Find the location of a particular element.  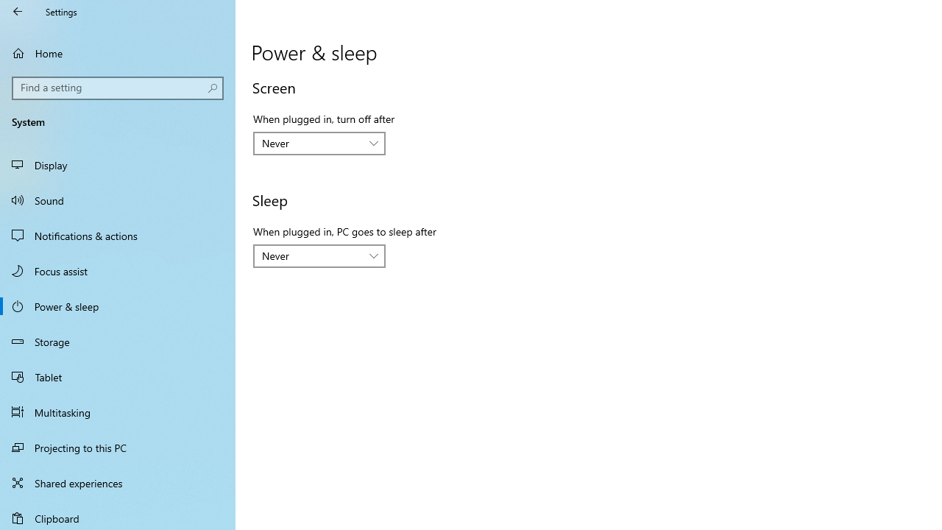

'When plugged in, turn off after' is located at coordinates (318, 144).